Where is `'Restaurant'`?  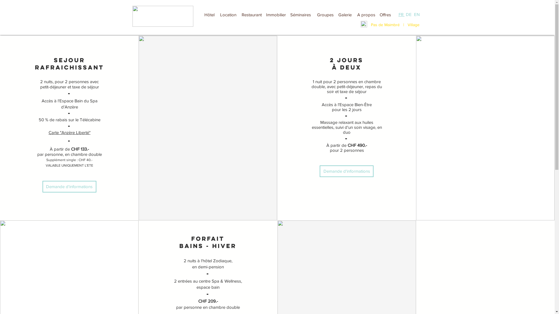 'Restaurant' is located at coordinates (252, 14).